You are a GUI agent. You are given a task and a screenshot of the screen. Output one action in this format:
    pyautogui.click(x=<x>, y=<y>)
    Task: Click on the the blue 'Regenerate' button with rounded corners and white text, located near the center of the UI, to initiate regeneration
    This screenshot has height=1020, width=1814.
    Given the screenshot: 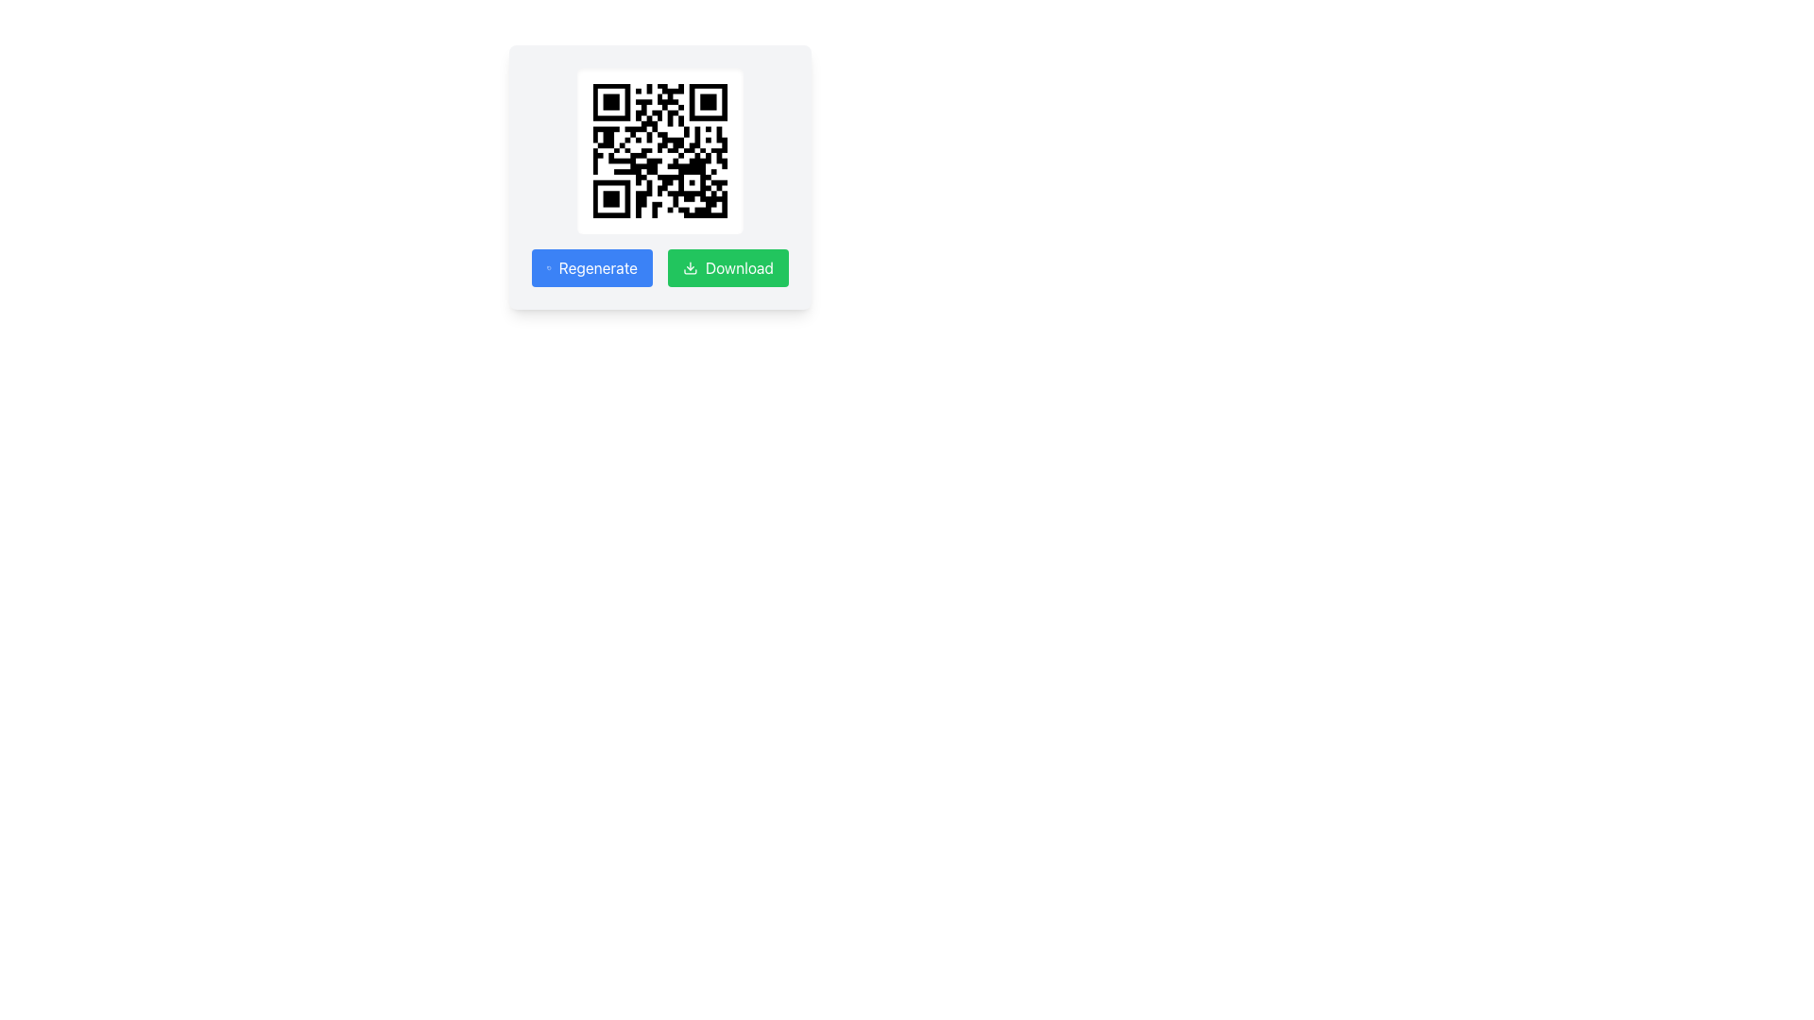 What is the action you would take?
    pyautogui.click(x=591, y=268)
    